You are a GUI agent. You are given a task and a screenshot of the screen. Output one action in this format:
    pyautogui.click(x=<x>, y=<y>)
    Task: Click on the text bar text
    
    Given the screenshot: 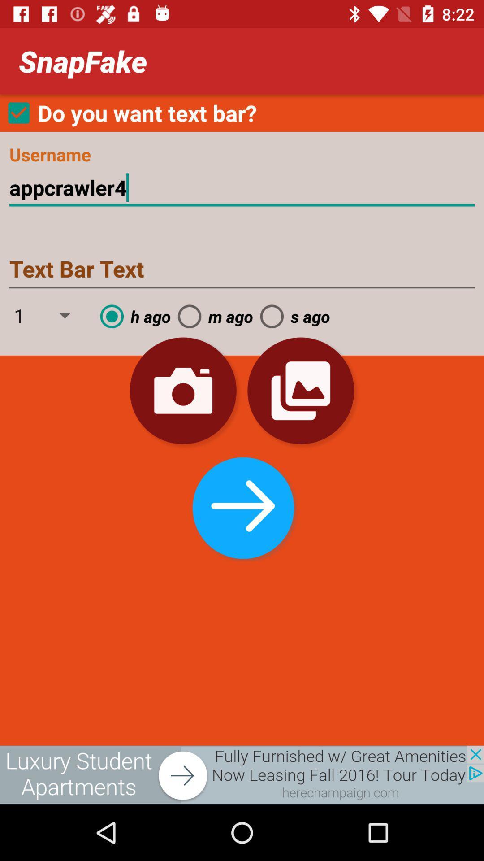 What is the action you would take?
    pyautogui.click(x=242, y=270)
    